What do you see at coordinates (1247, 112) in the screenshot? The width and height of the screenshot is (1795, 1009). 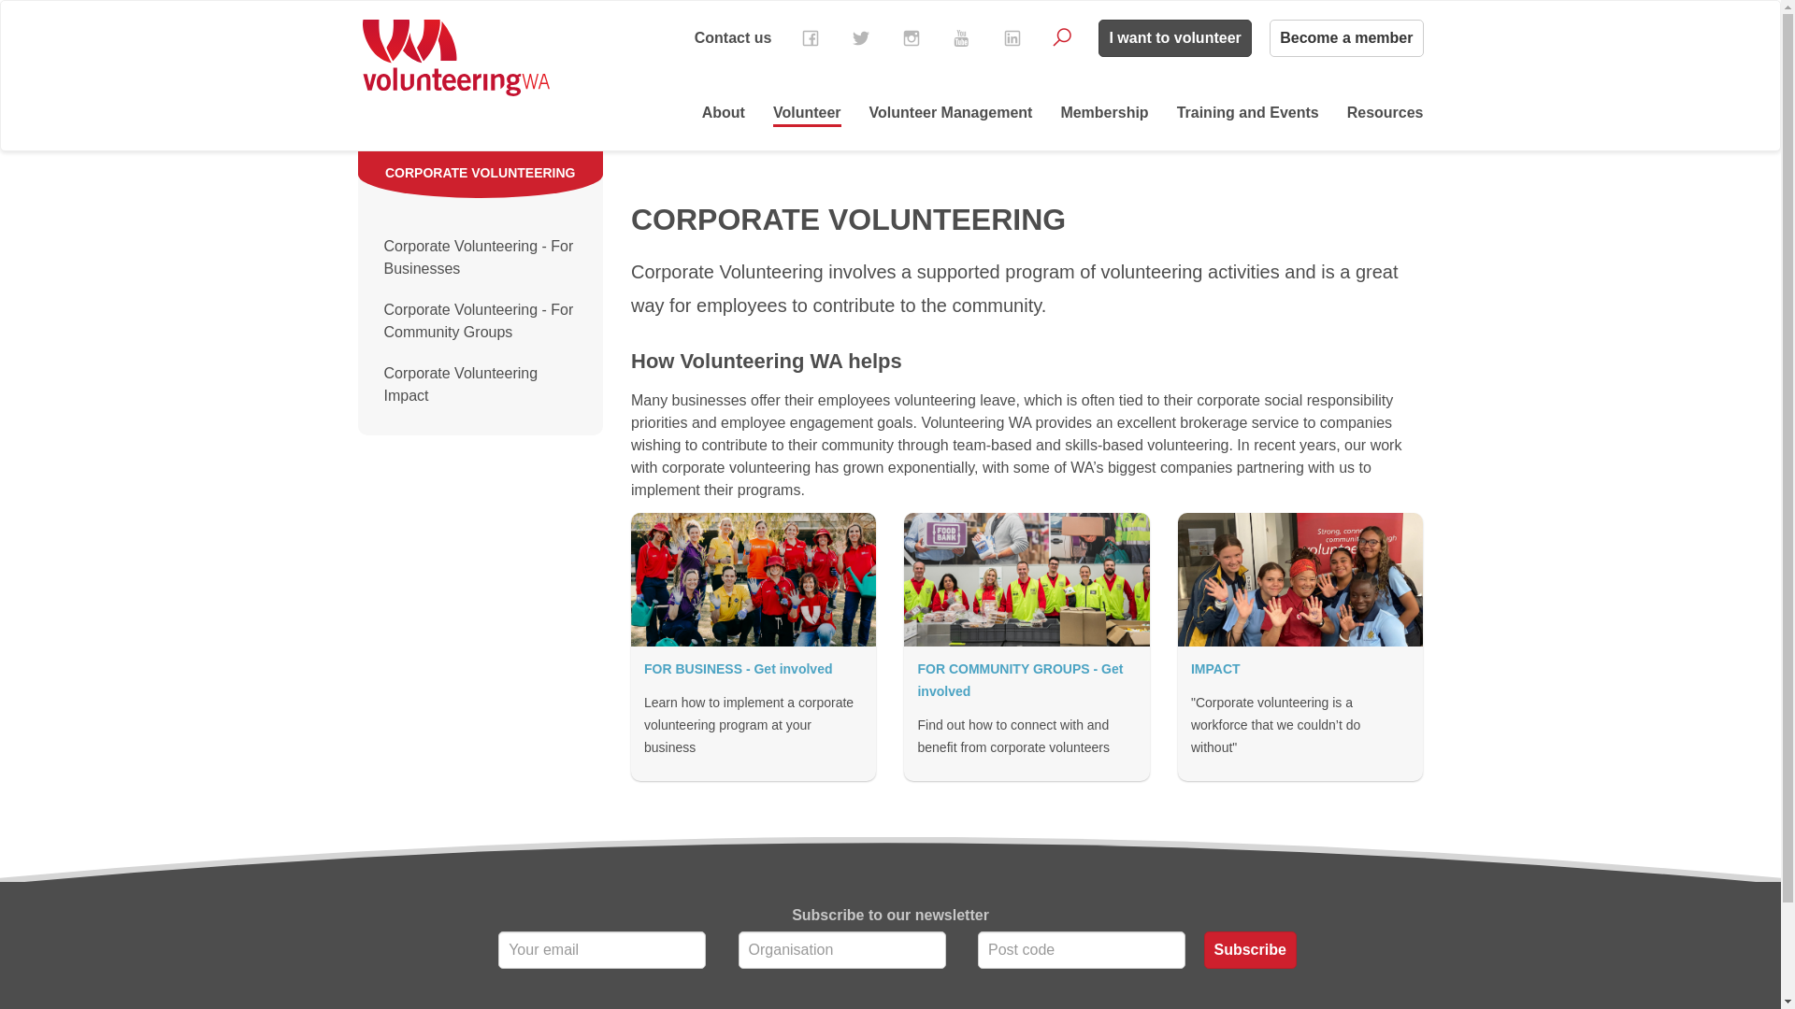 I see `'Training and Events'` at bounding box center [1247, 112].